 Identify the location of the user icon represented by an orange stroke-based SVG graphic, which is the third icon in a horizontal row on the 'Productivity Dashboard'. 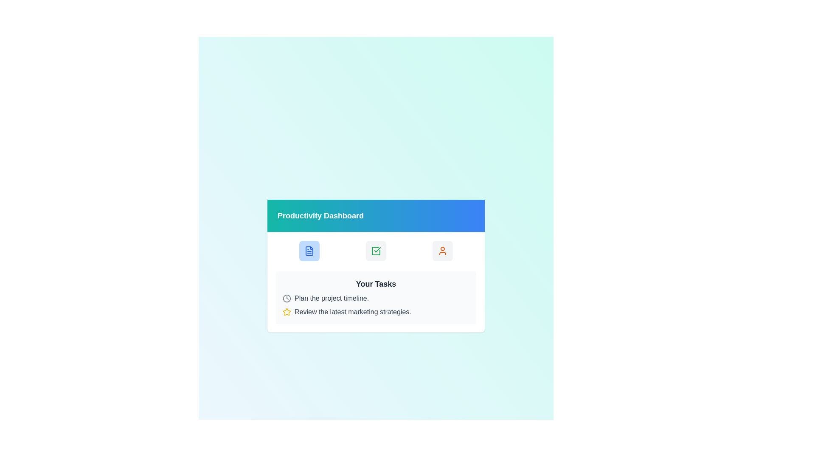
(442, 250).